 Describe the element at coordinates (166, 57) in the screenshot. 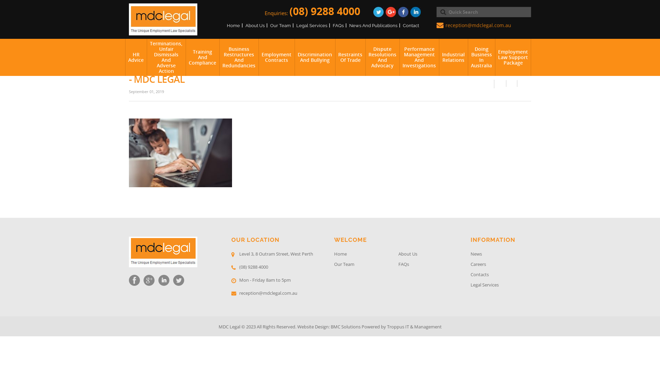

I see `'Terminations,` at that location.